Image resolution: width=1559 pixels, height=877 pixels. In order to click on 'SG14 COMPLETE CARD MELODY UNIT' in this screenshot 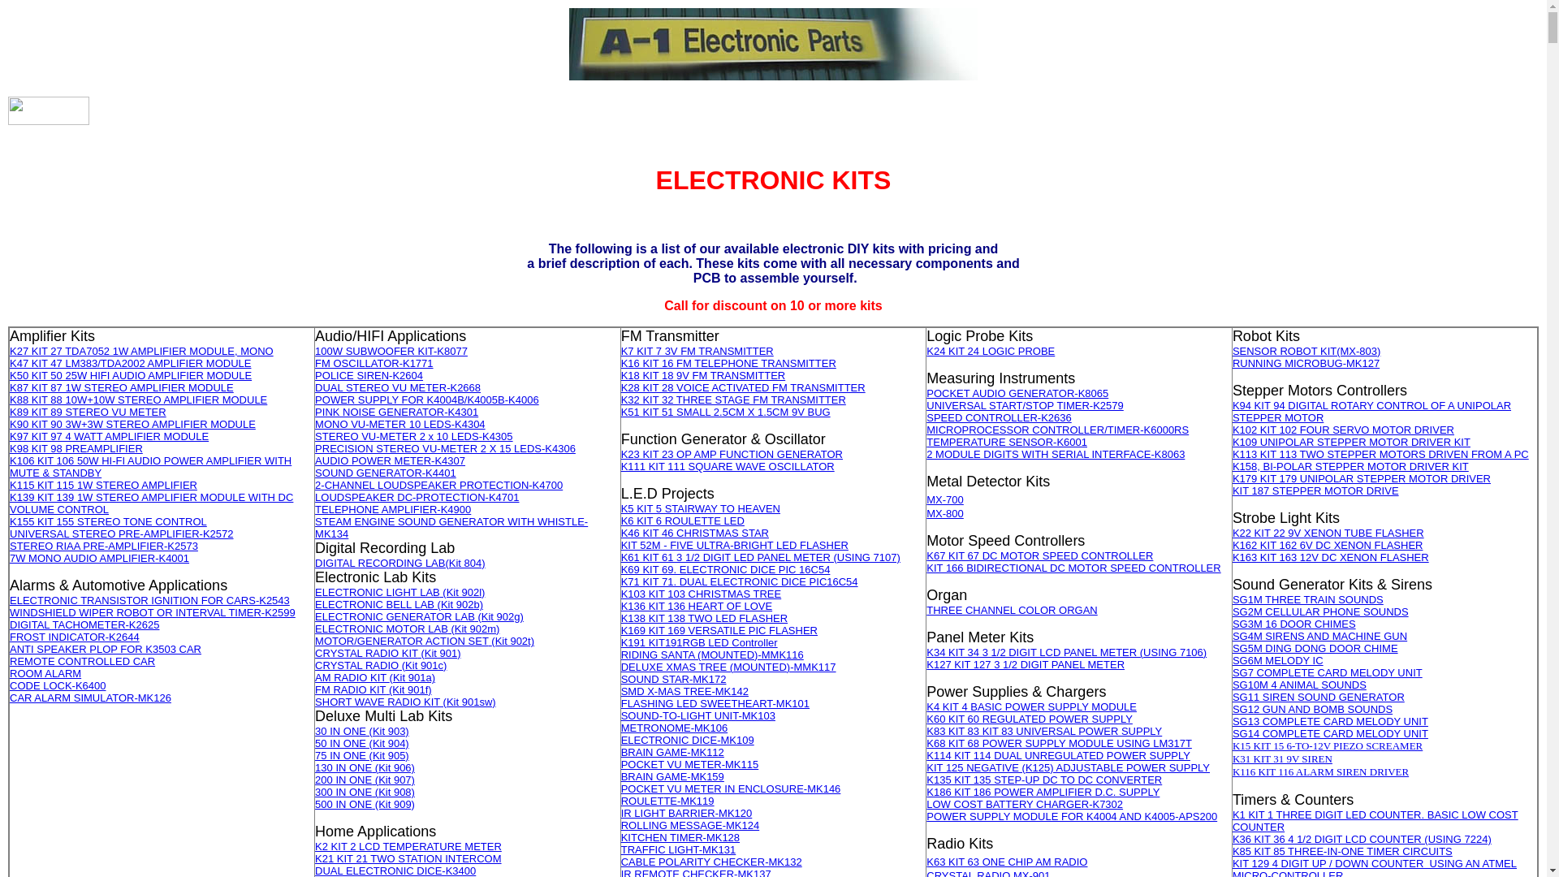, I will do `click(1330, 733)`.